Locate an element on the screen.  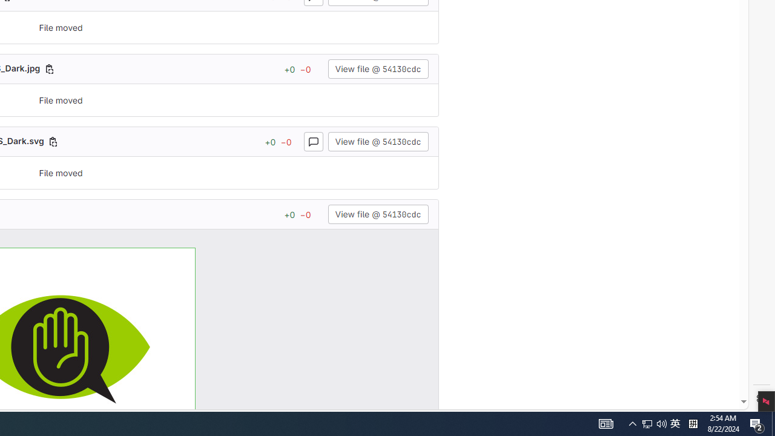
'Toggle comments for this file' is located at coordinates (313, 141).